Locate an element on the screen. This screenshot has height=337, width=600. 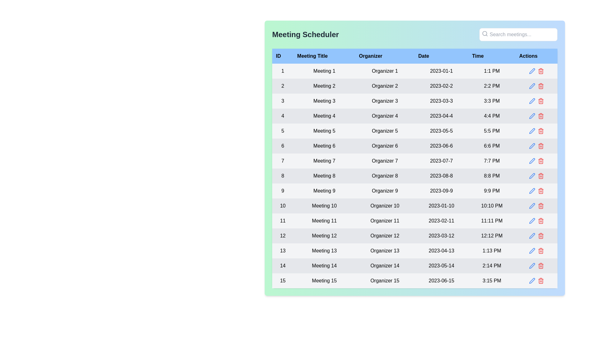
the Text element that identifies row number 3 in the table under the 'ID' column is located at coordinates (282, 101).